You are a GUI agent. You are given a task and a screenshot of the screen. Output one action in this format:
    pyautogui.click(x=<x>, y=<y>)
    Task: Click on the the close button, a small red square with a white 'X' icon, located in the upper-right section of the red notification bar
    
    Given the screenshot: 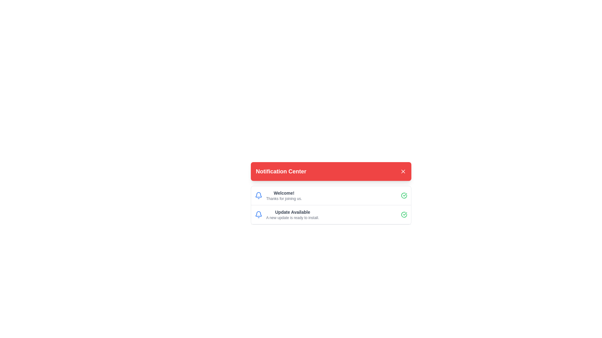 What is the action you would take?
    pyautogui.click(x=403, y=171)
    